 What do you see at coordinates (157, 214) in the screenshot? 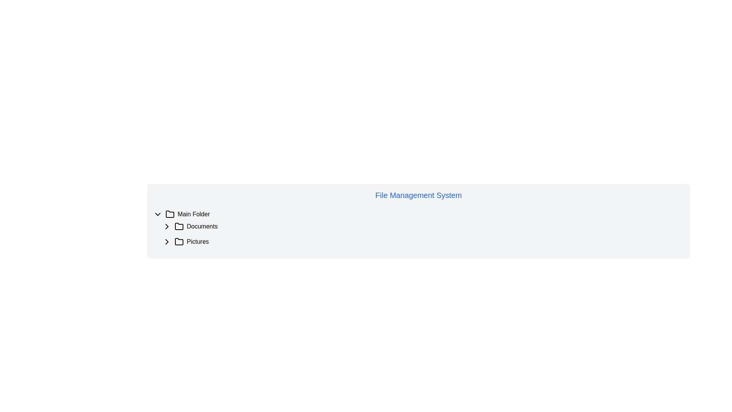
I see `the downward-facing chevron icon with a black outline, located to the left of the 'Main Folder' label` at bounding box center [157, 214].